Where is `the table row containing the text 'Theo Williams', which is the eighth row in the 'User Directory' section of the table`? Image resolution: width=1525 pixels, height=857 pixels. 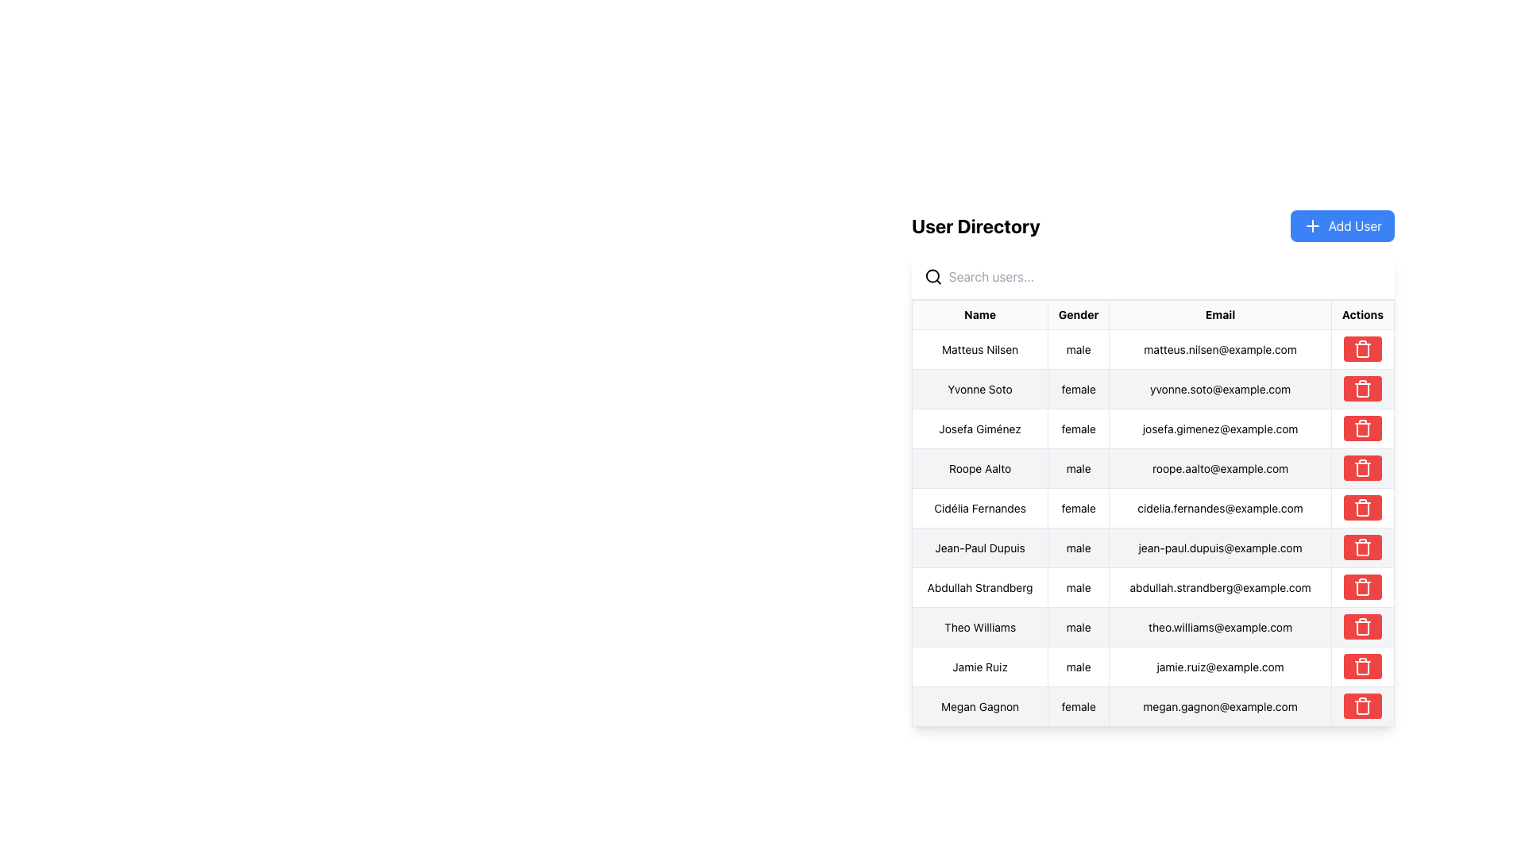 the table row containing the text 'Theo Williams', which is the eighth row in the 'User Directory' section of the table is located at coordinates (1152, 626).